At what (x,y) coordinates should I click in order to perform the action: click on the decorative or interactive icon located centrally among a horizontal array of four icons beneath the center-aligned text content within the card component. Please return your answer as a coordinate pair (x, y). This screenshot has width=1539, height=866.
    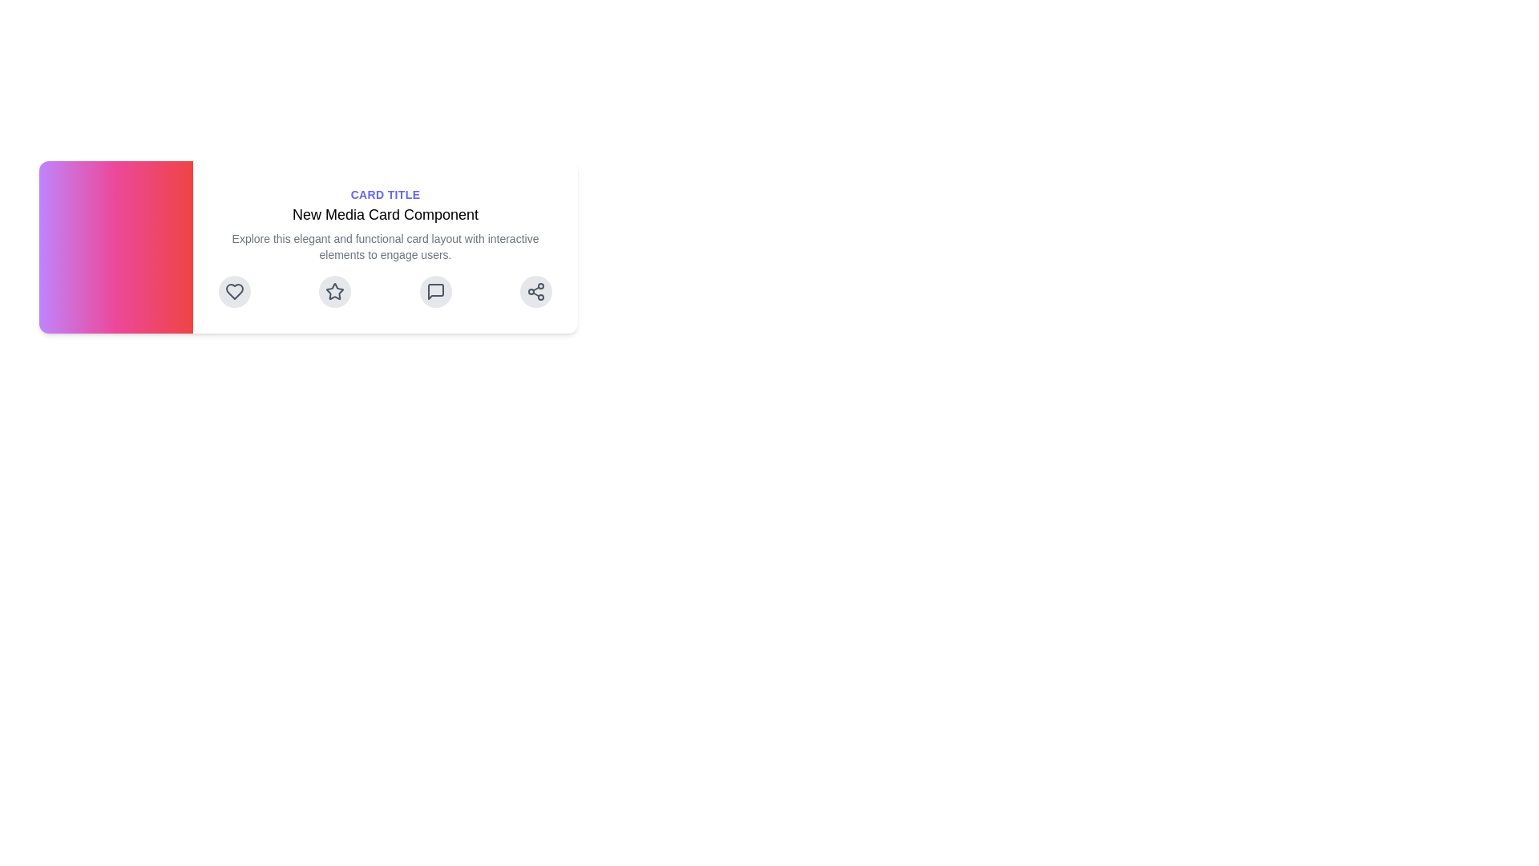
    Looking at the image, I should click on (334, 290).